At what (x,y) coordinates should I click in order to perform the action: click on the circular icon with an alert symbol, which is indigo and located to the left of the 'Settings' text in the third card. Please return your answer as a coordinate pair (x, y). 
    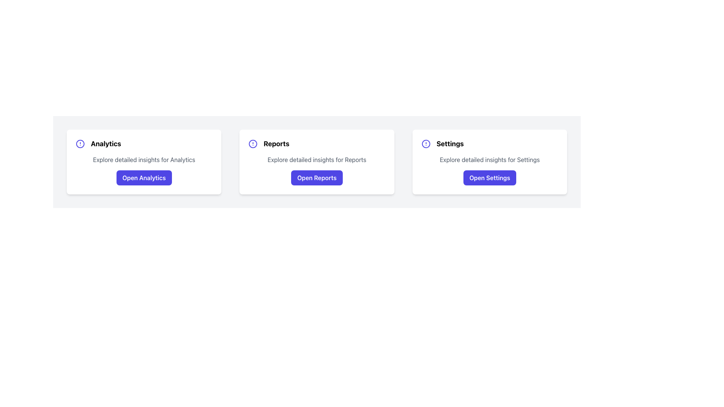
    Looking at the image, I should click on (426, 144).